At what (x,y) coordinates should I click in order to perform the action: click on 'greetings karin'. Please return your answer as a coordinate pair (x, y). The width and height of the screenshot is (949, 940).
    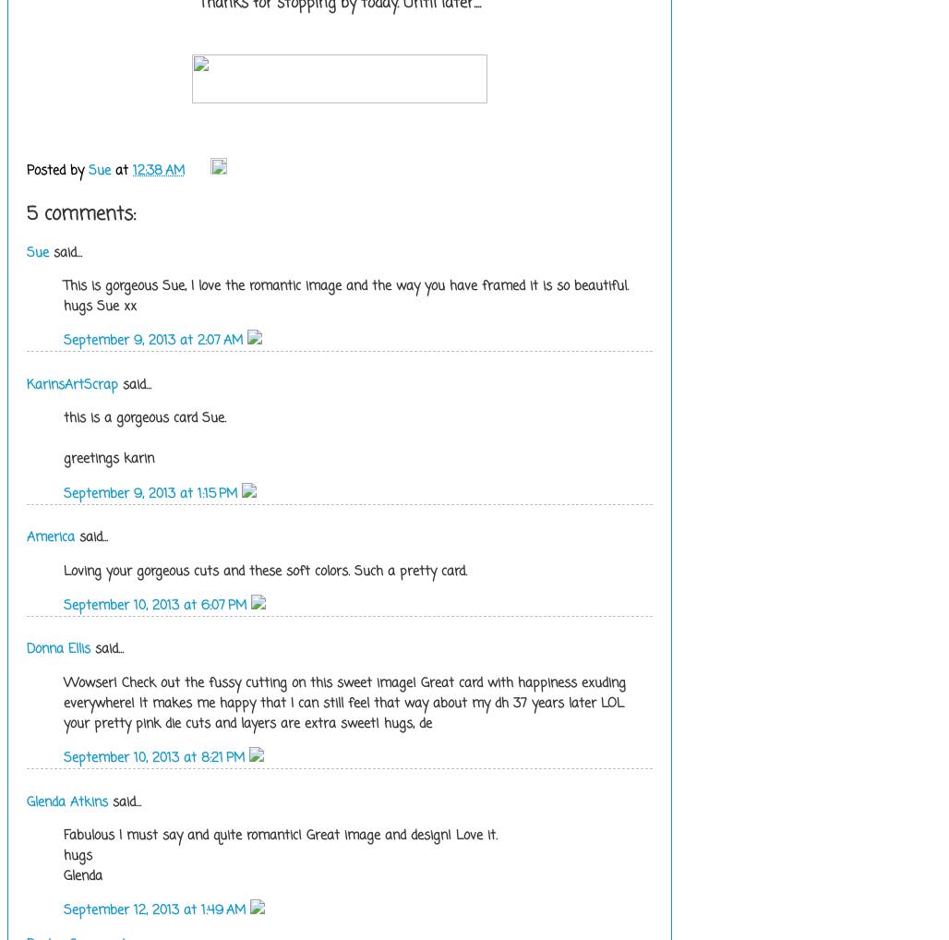
    Looking at the image, I should click on (108, 458).